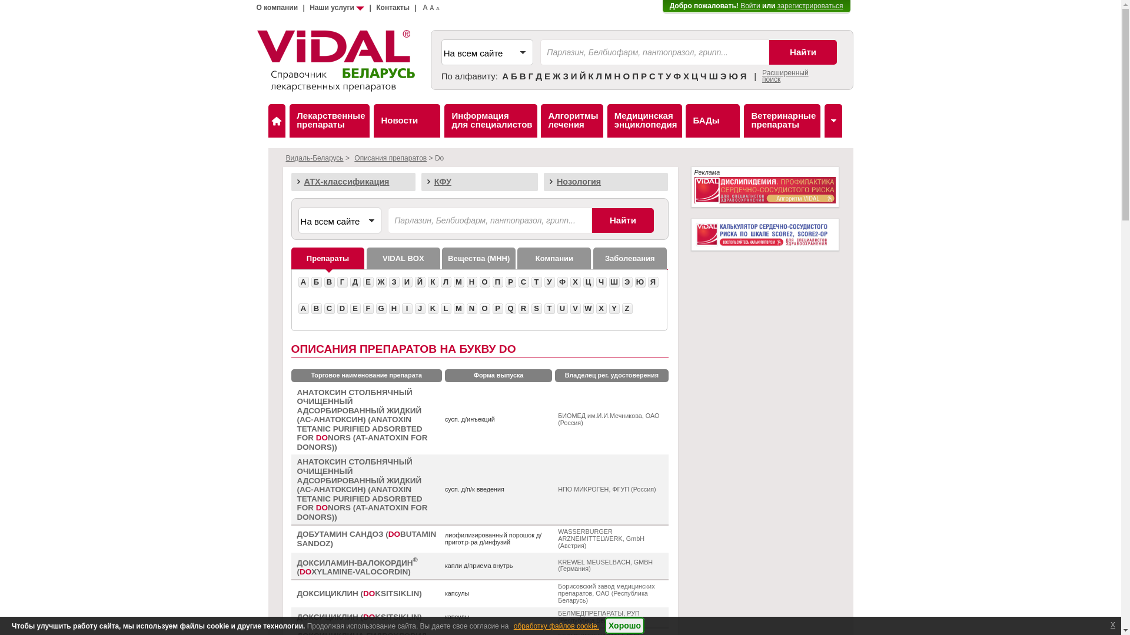 The width and height of the screenshot is (1130, 635). What do you see at coordinates (530, 308) in the screenshot?
I see `'S'` at bounding box center [530, 308].